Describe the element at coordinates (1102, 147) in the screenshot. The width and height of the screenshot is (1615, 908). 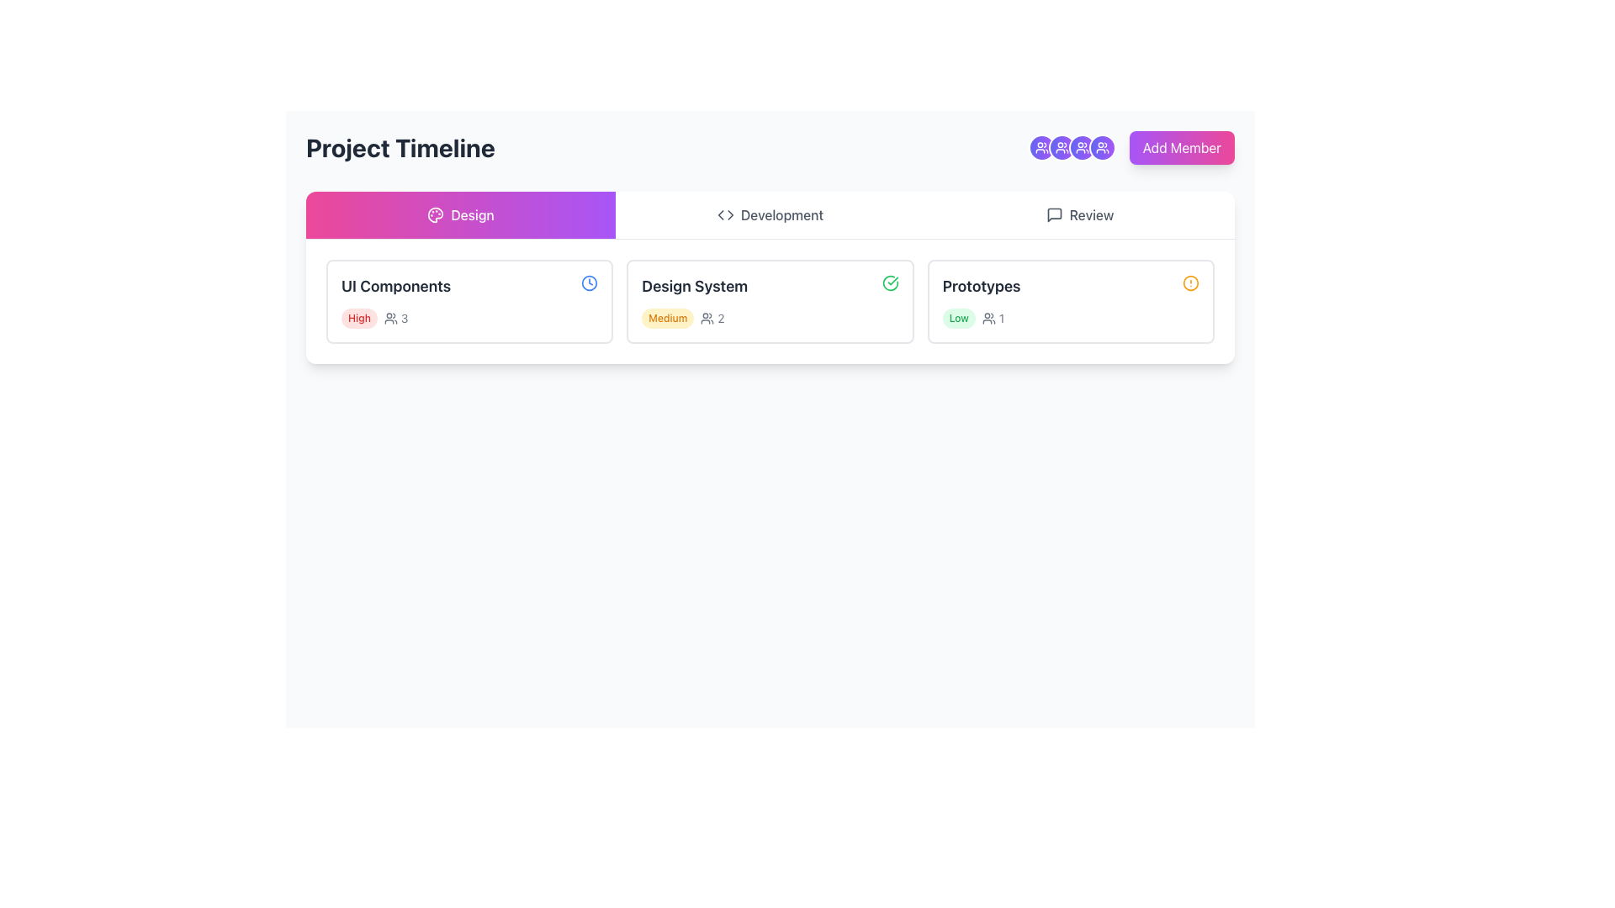
I see `the fifth circular icon with an embedded SVG graphic located at the top-right section of the interface, to the left of the 'Add Member' button` at that location.